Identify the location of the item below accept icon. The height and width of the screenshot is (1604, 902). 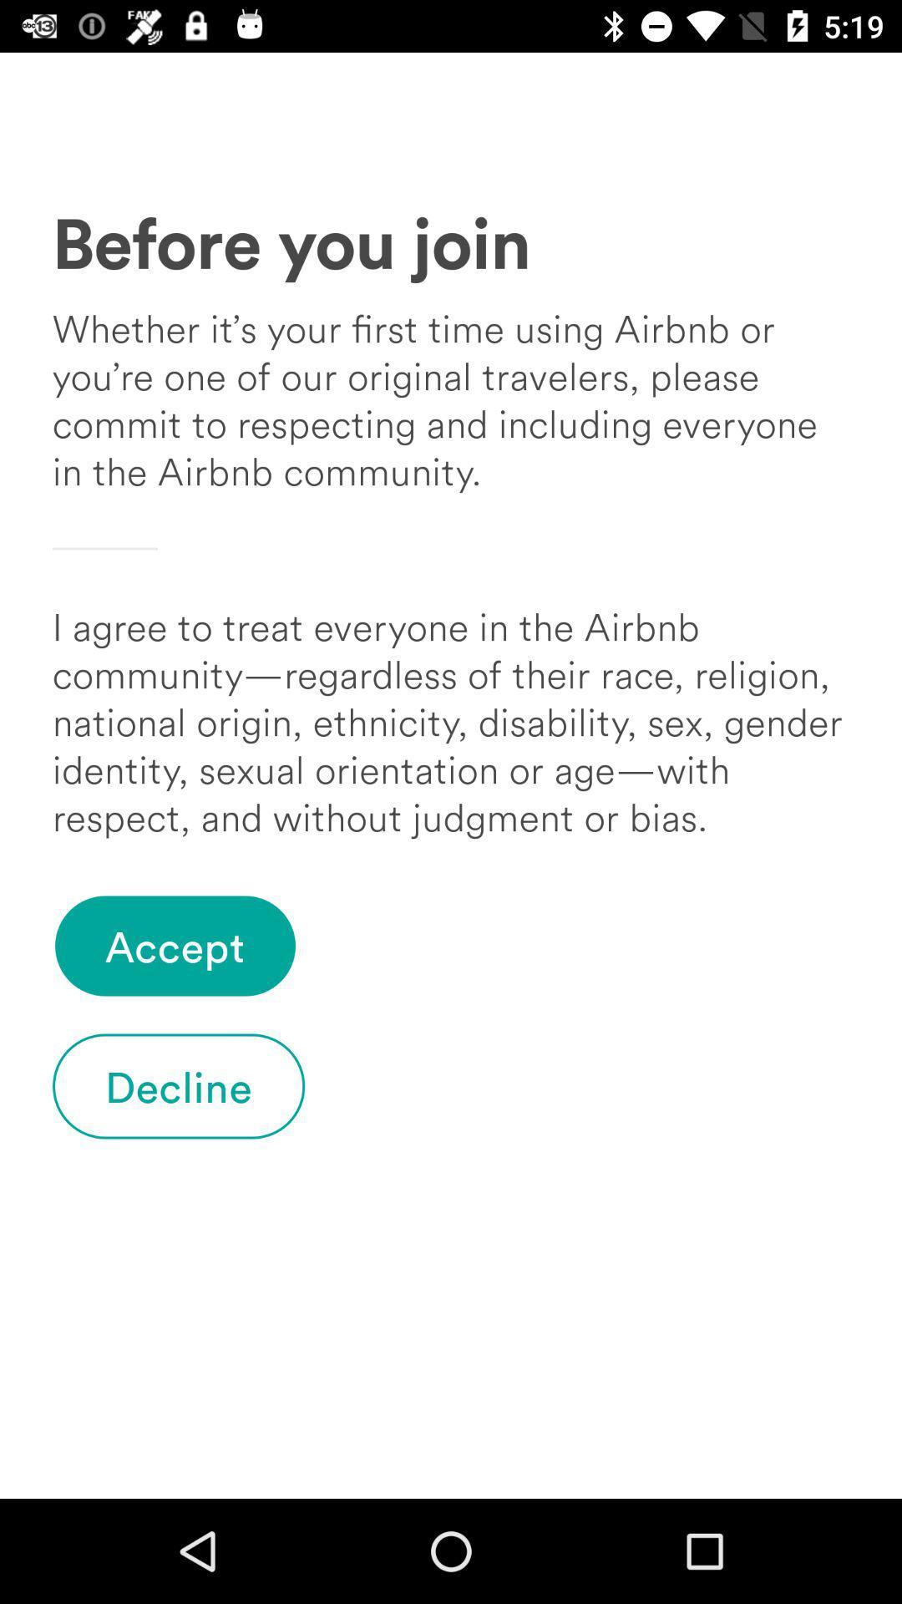
(179, 1086).